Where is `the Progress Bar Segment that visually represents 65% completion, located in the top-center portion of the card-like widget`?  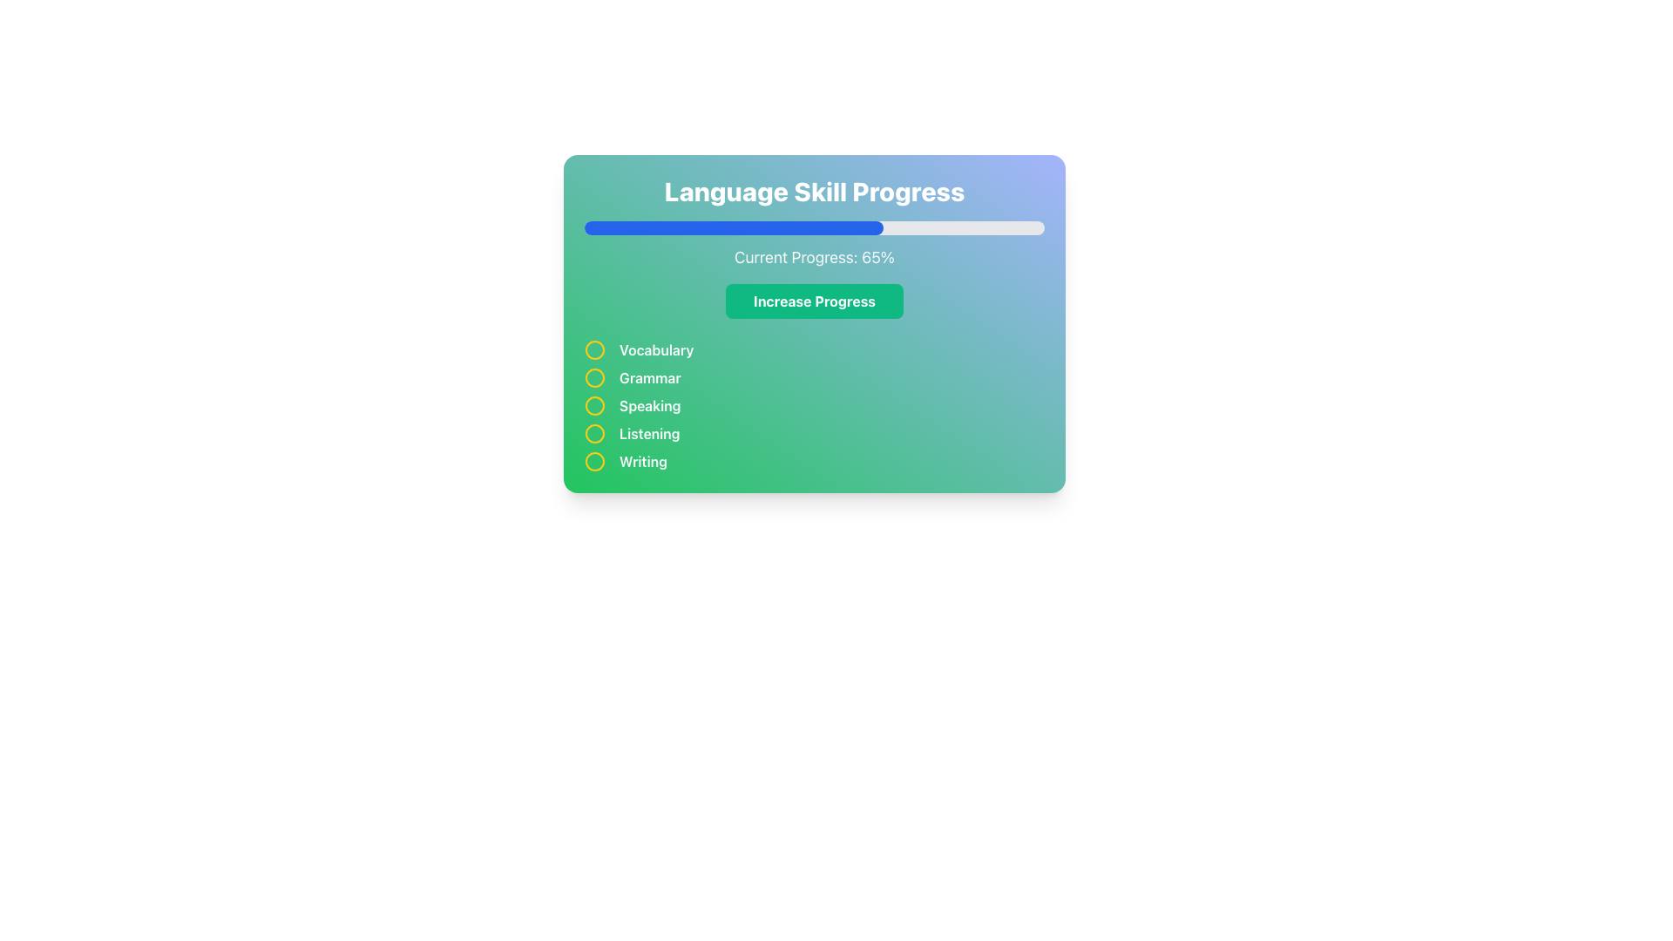 the Progress Bar Segment that visually represents 65% completion, located in the top-center portion of the card-like widget is located at coordinates (734, 227).